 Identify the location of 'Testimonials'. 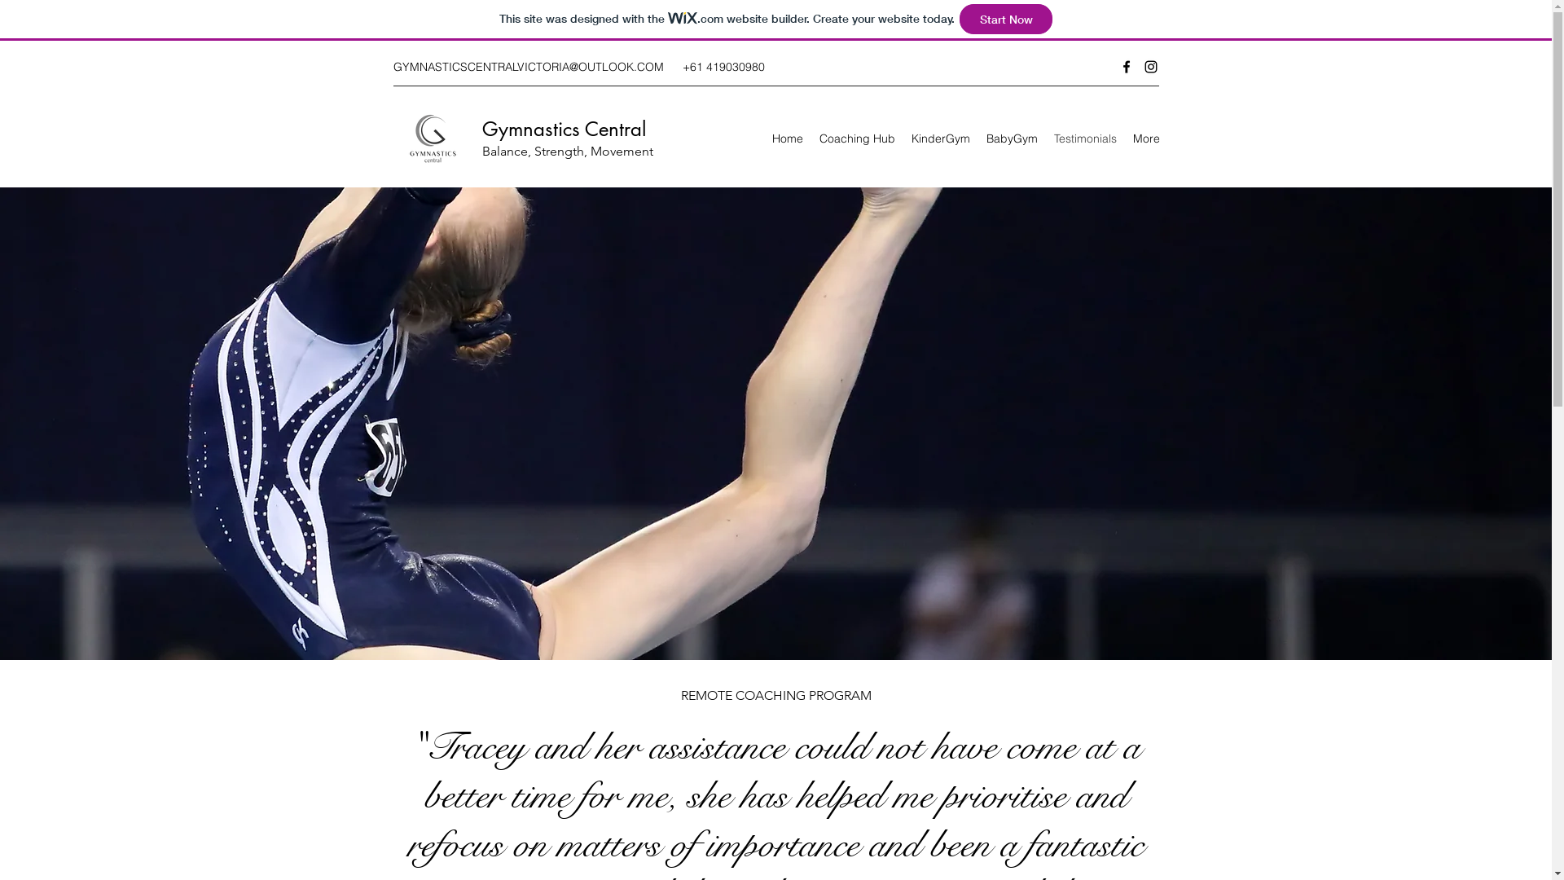
(1085, 137).